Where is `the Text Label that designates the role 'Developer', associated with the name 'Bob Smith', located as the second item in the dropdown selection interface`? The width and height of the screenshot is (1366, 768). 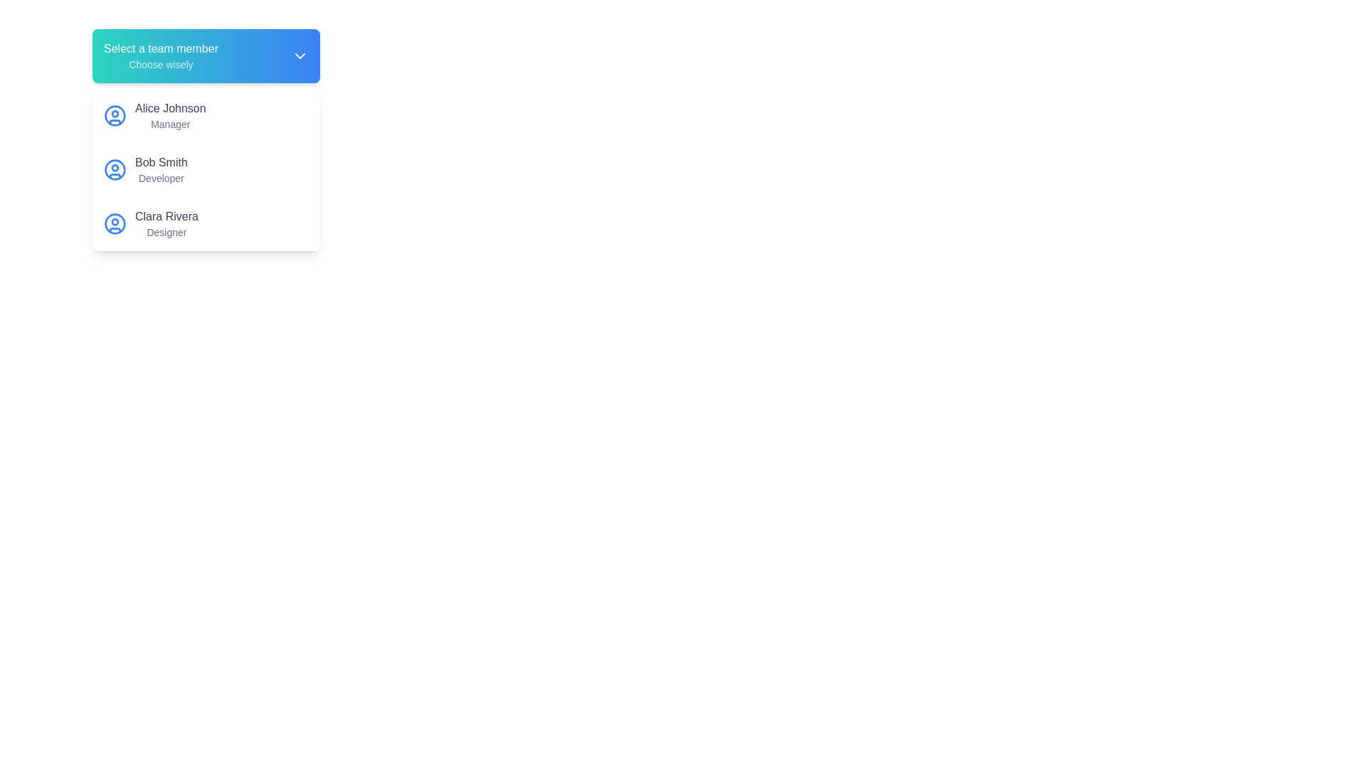 the Text Label that designates the role 'Developer', associated with the name 'Bob Smith', located as the second item in the dropdown selection interface is located at coordinates (161, 177).